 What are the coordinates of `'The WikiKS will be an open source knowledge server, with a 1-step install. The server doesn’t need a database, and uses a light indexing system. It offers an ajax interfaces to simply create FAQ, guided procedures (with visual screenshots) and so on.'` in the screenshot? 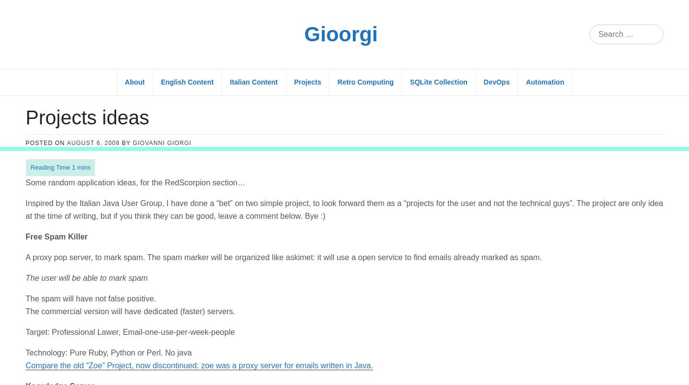 It's located at (342, 270).